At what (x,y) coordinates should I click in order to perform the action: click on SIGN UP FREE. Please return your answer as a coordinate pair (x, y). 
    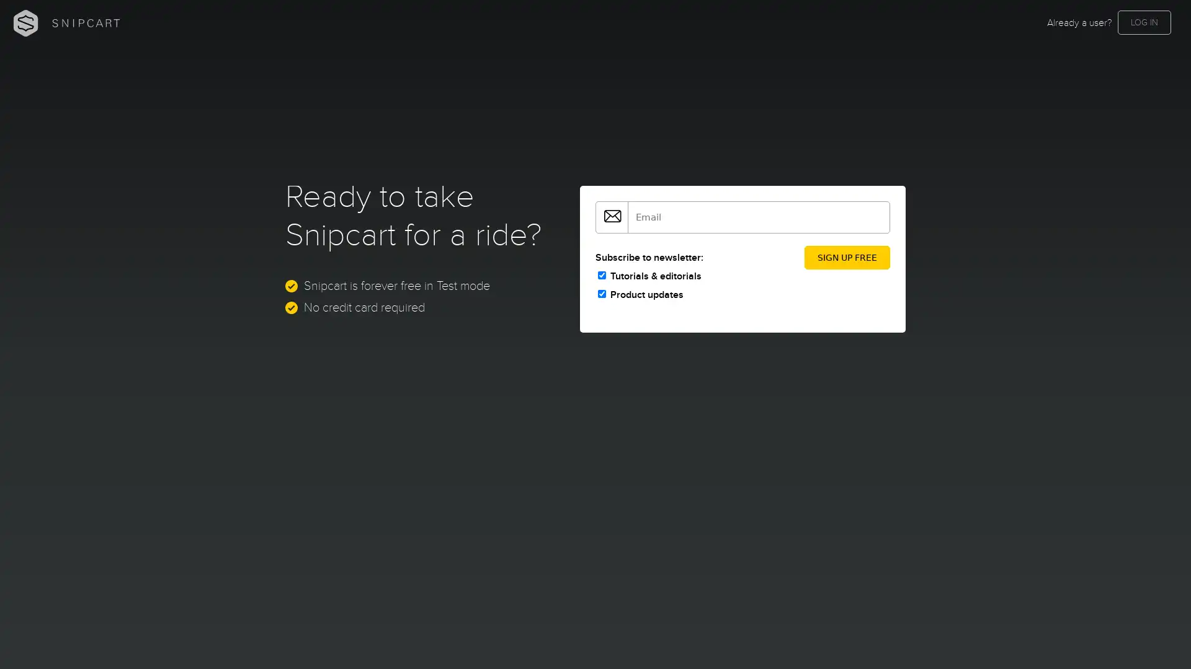
    Looking at the image, I should click on (839, 258).